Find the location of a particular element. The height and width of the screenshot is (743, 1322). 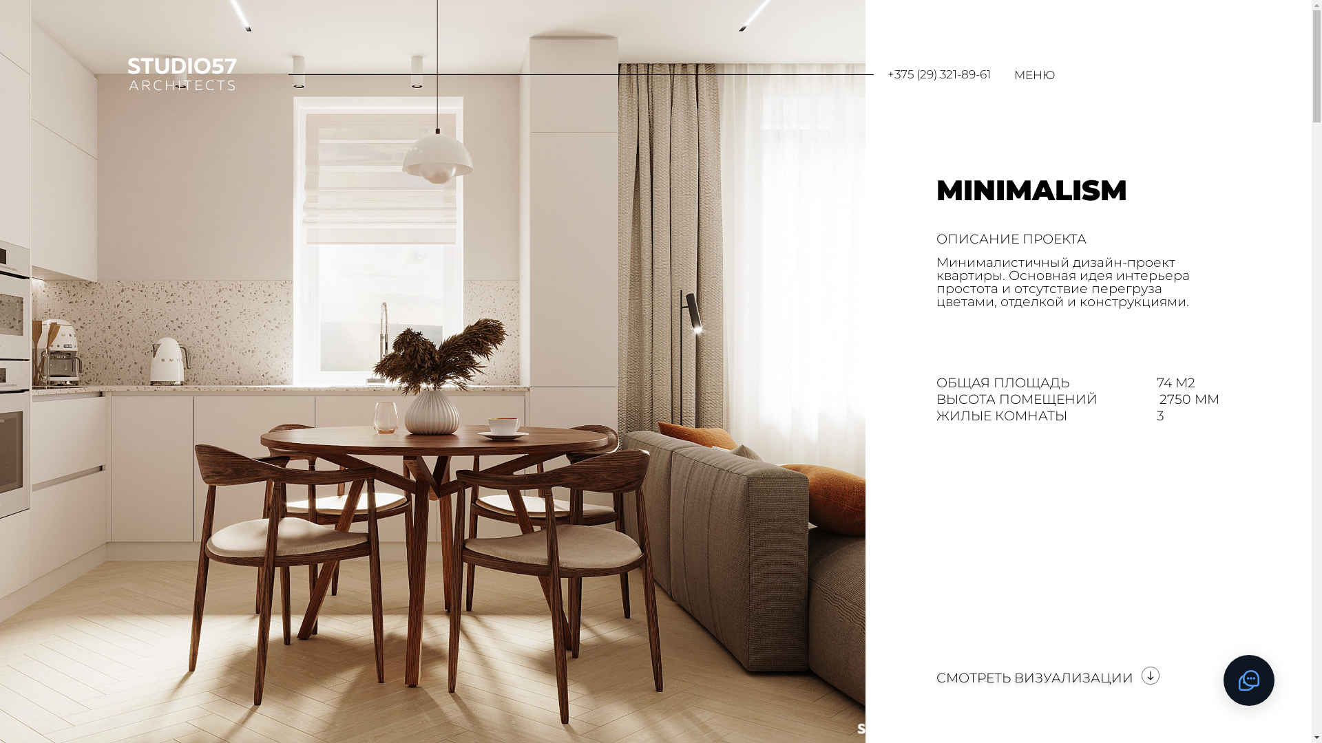

'+375 (29) 321-89-61' is located at coordinates (888, 74).